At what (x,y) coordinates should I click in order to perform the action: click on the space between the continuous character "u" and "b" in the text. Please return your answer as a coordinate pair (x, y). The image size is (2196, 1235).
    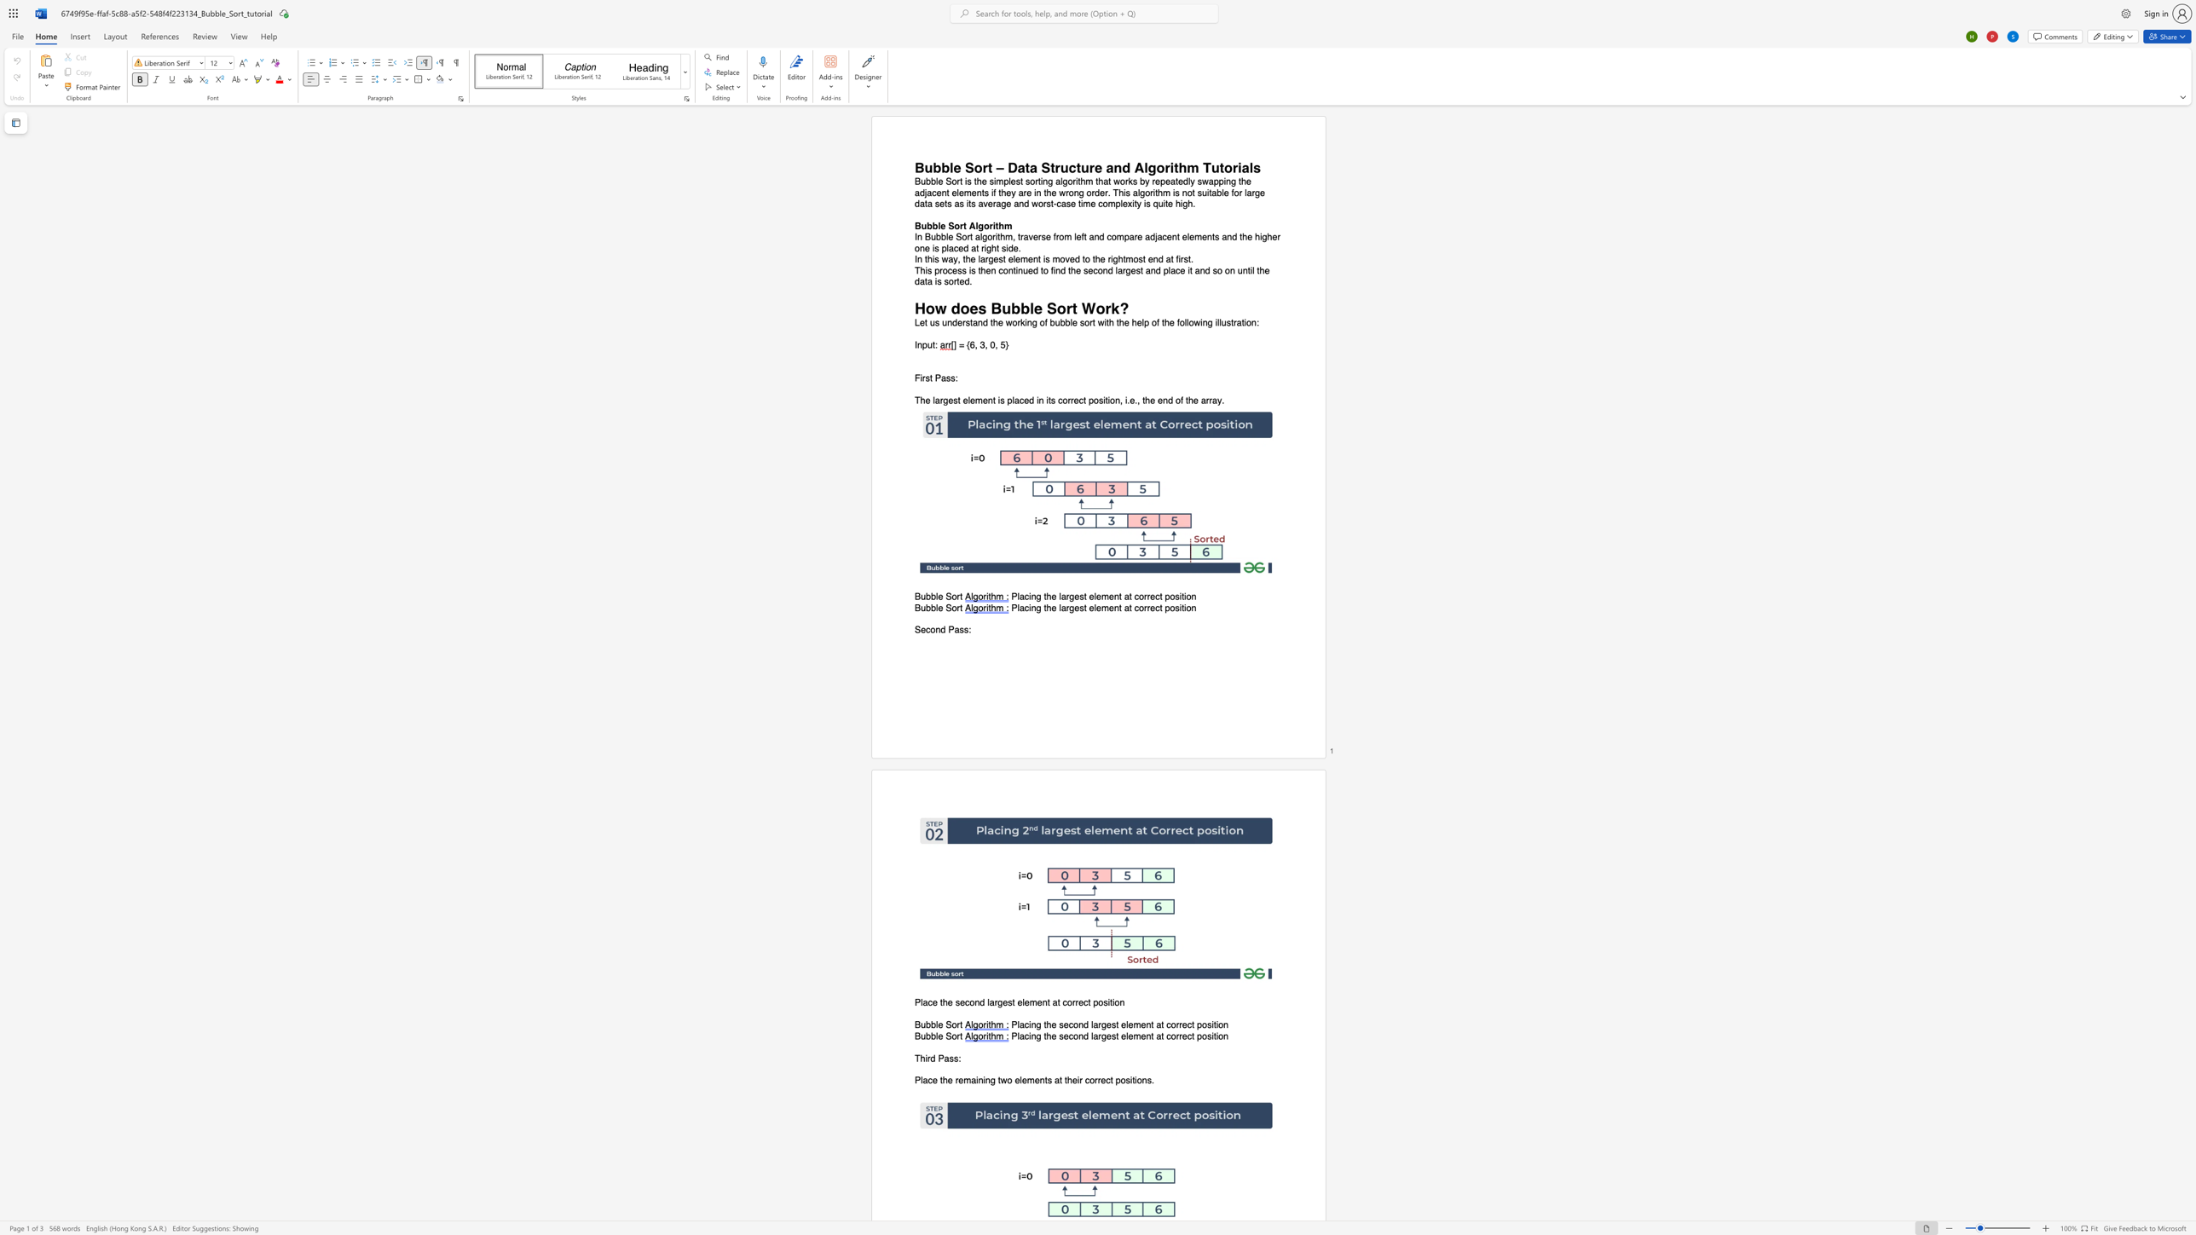
    Looking at the image, I should click on (1010, 308).